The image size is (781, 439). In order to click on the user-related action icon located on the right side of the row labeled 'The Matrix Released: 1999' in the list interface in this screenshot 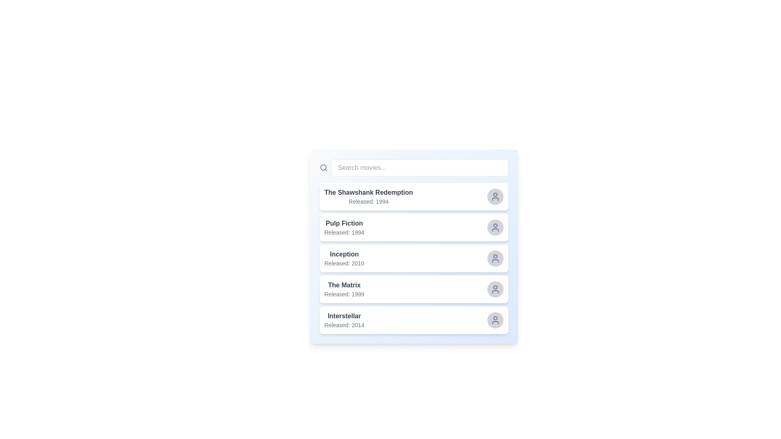, I will do `click(495, 289)`.